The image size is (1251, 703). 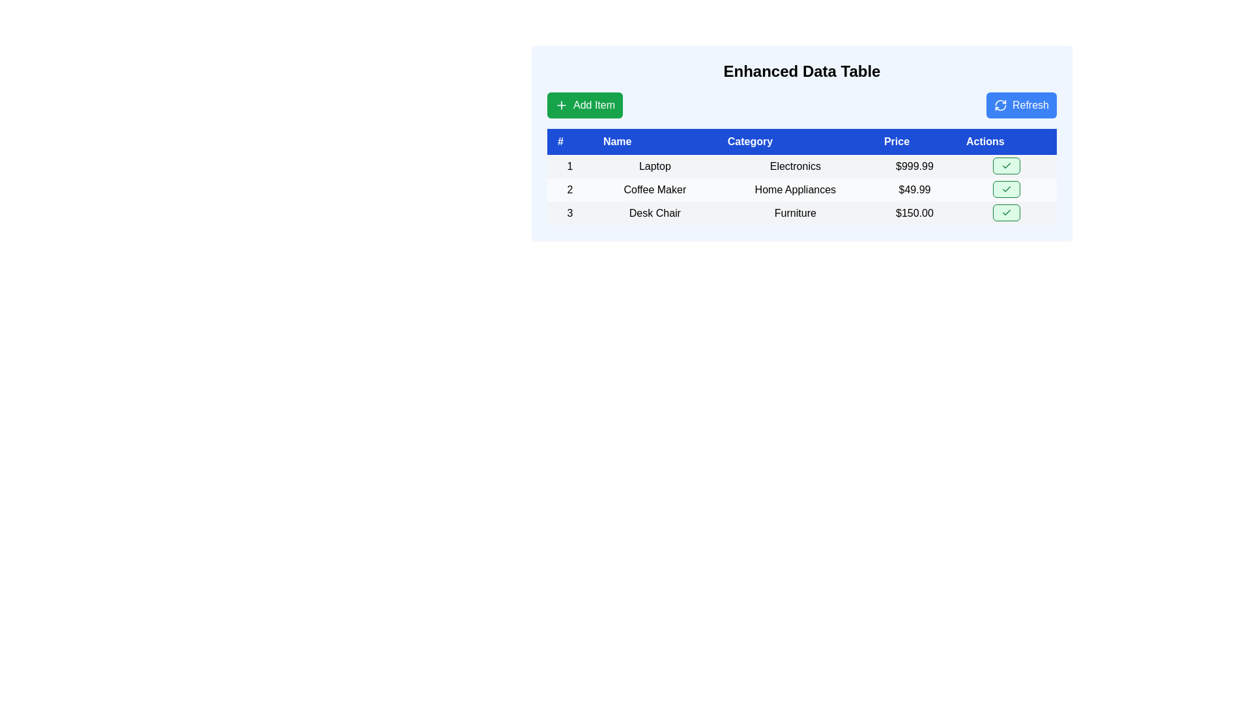 What do you see at coordinates (1000, 105) in the screenshot?
I see `the refresh SVG icon located in the top-right corner of the data table` at bounding box center [1000, 105].